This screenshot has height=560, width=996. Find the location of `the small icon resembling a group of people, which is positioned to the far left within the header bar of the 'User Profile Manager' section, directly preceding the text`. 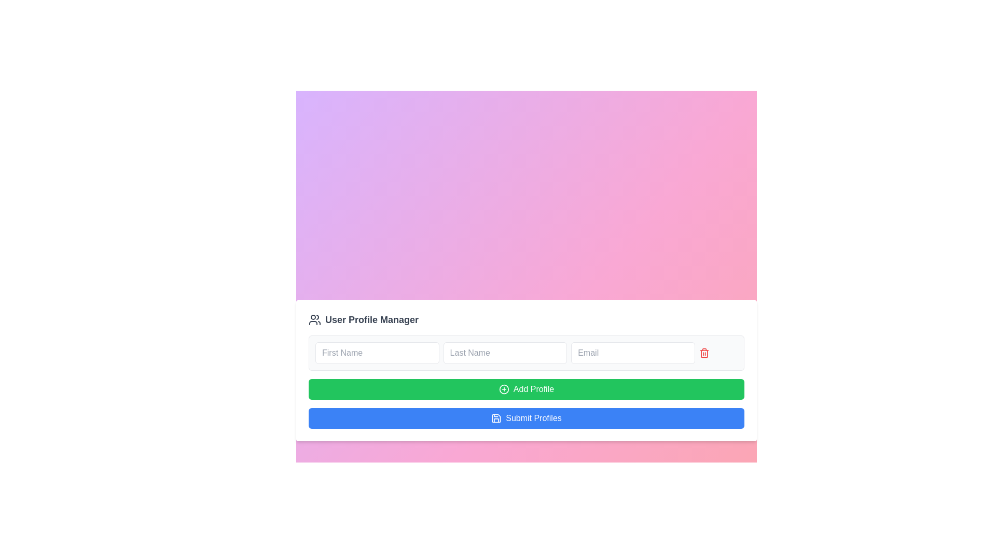

the small icon resembling a group of people, which is positioned to the far left within the header bar of the 'User Profile Manager' section, directly preceding the text is located at coordinates (314, 319).